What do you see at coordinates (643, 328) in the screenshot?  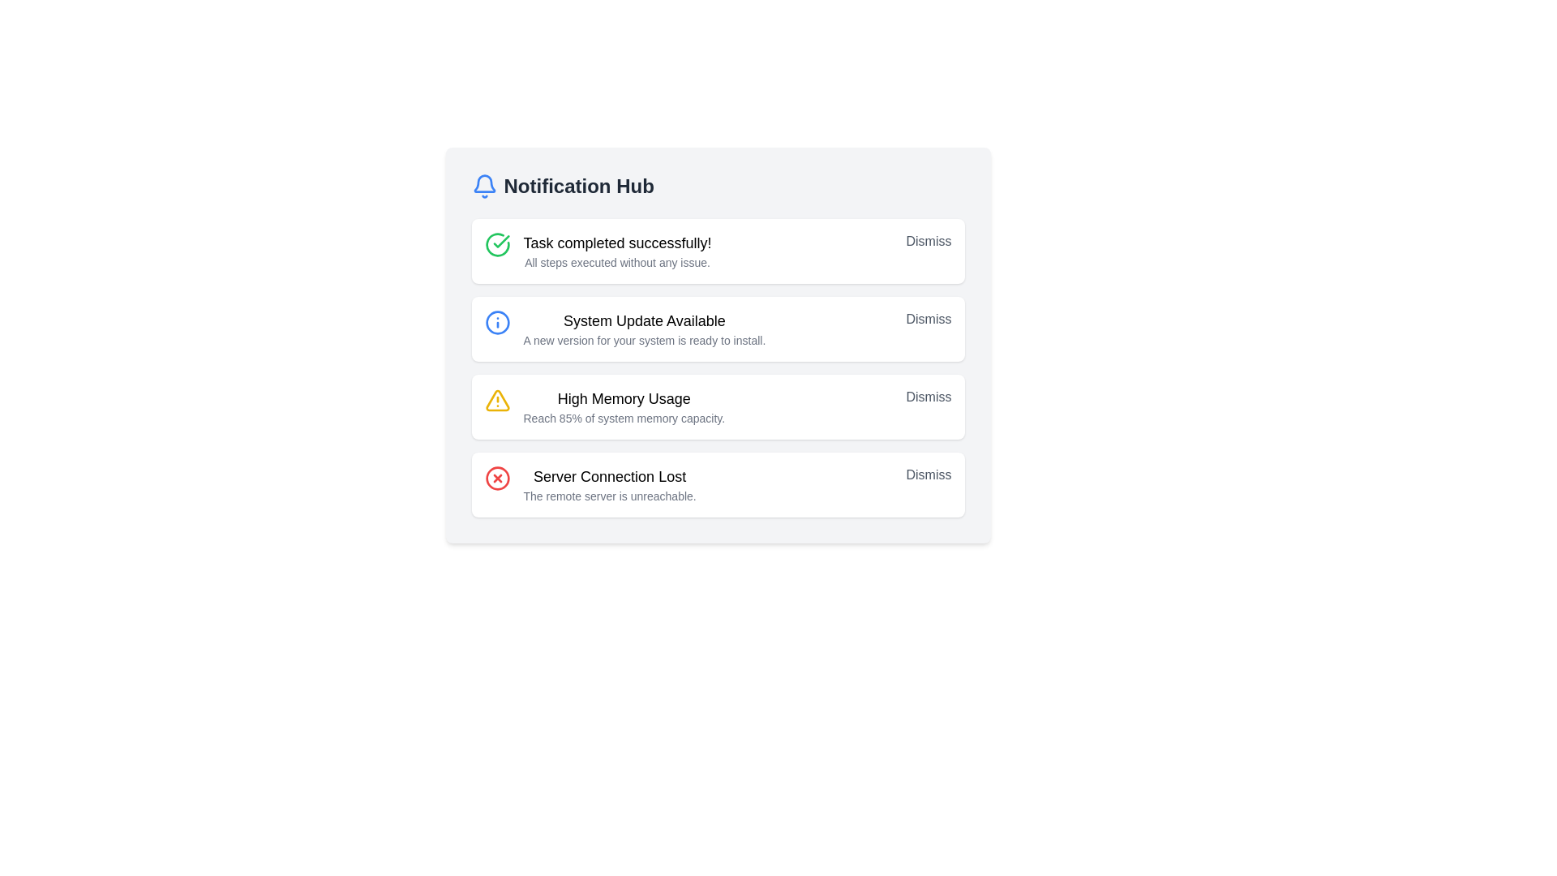 I see `informational text block about the available system update, which is centrally located on the second row of the notification list, between the notifications titled 'Task completed successfully!' and 'High Memory Usage.'` at bounding box center [643, 328].